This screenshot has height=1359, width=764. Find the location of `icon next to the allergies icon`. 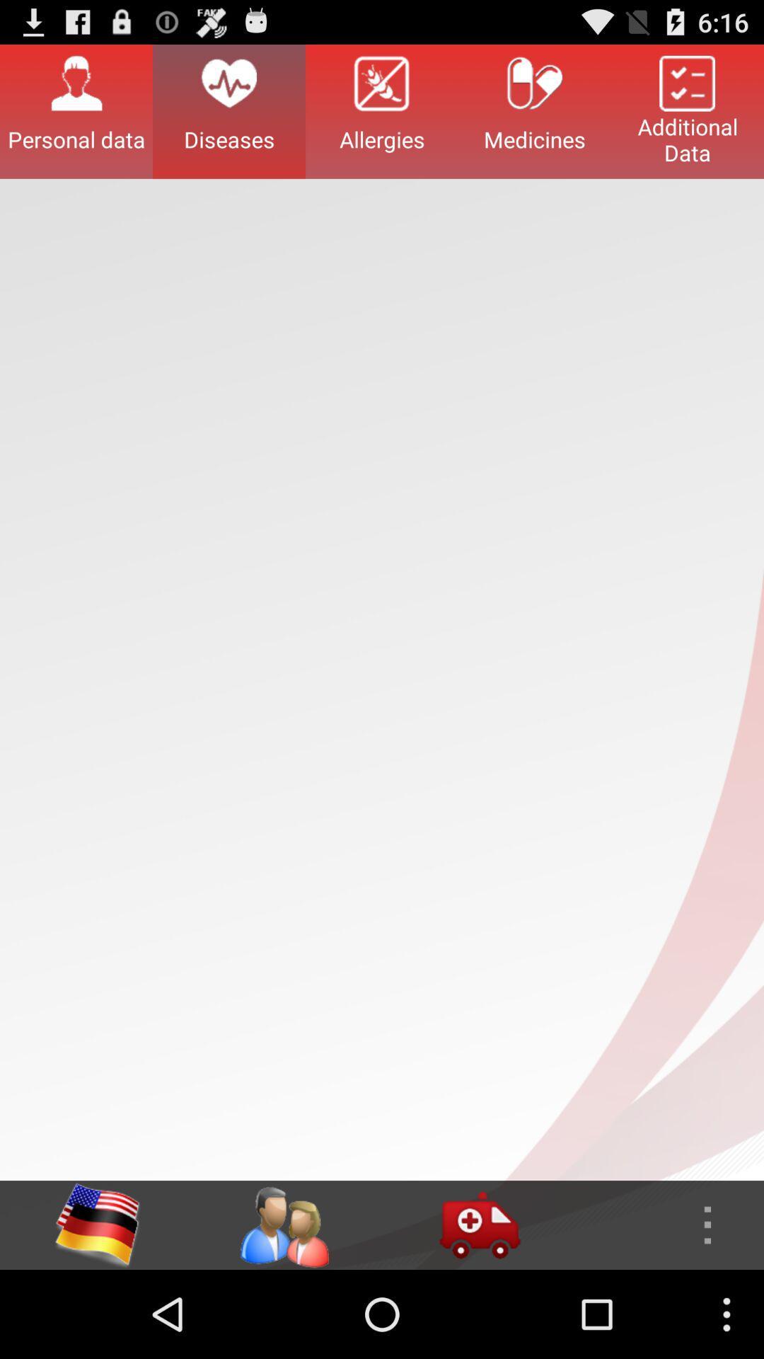

icon next to the allergies icon is located at coordinates (228, 110).